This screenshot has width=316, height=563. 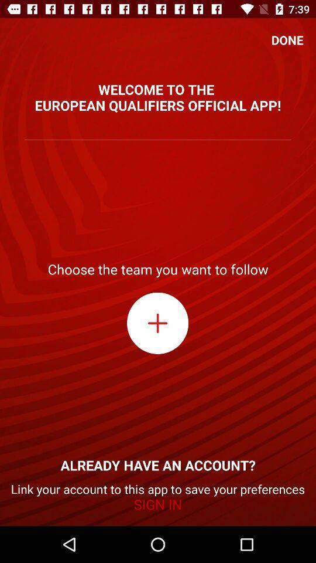 What do you see at coordinates (158, 496) in the screenshot?
I see `icon below already have an item` at bounding box center [158, 496].